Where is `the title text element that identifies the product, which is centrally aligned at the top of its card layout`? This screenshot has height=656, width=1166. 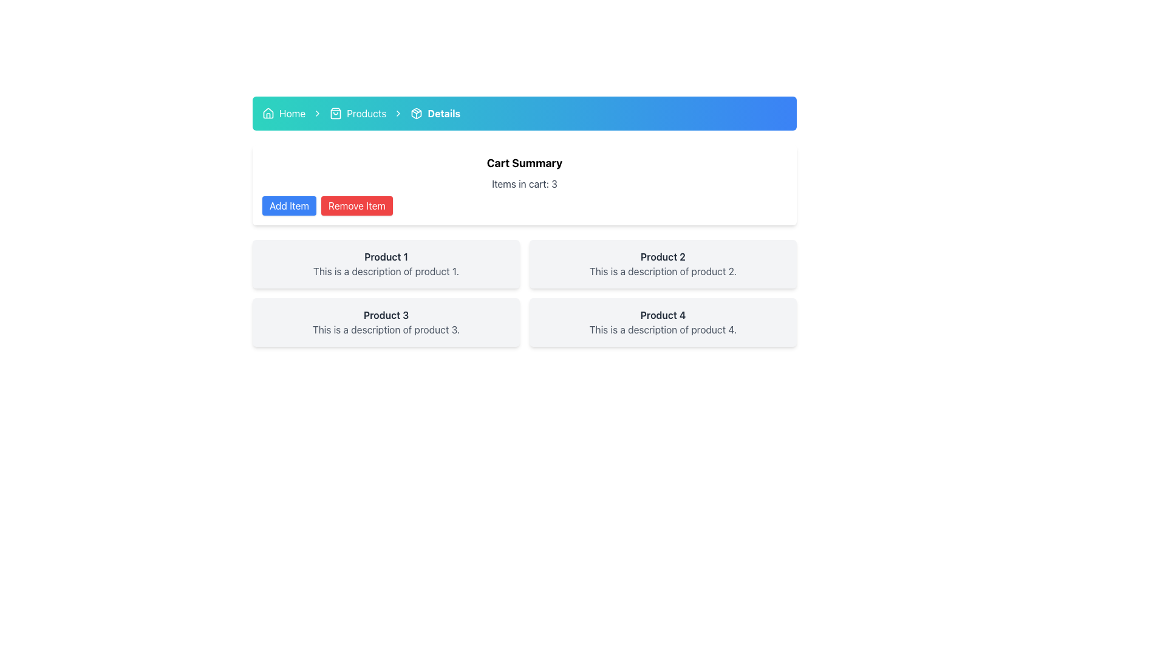 the title text element that identifies the product, which is centrally aligned at the top of its card layout is located at coordinates (662, 256).